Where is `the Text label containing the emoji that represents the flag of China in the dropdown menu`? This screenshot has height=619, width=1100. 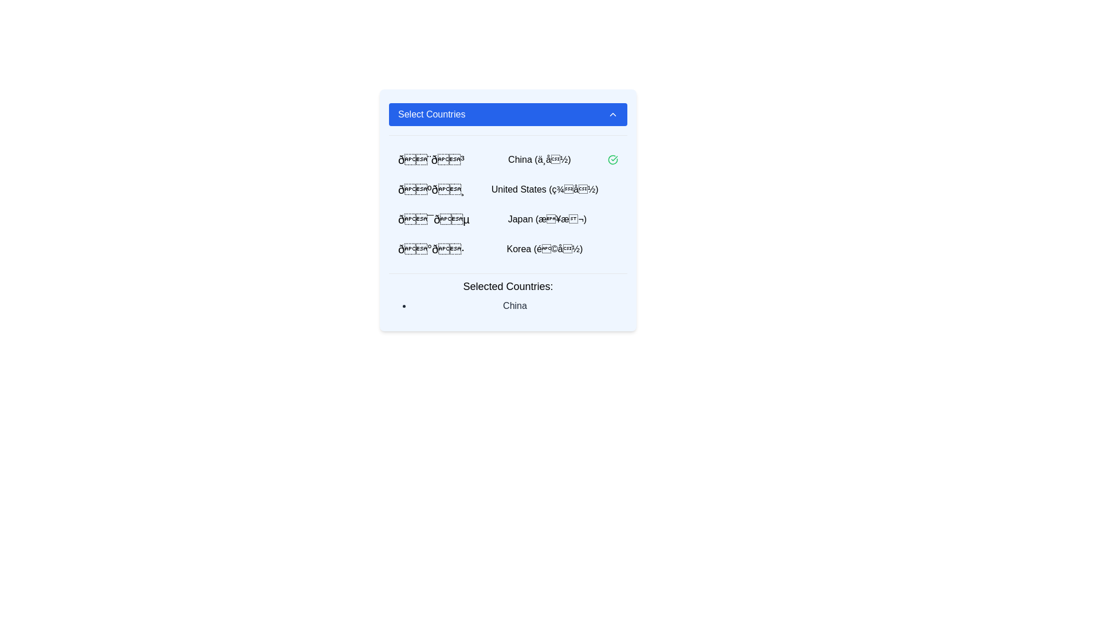
the Text label containing the emoji that represents the flag of China in the dropdown menu is located at coordinates (430, 159).